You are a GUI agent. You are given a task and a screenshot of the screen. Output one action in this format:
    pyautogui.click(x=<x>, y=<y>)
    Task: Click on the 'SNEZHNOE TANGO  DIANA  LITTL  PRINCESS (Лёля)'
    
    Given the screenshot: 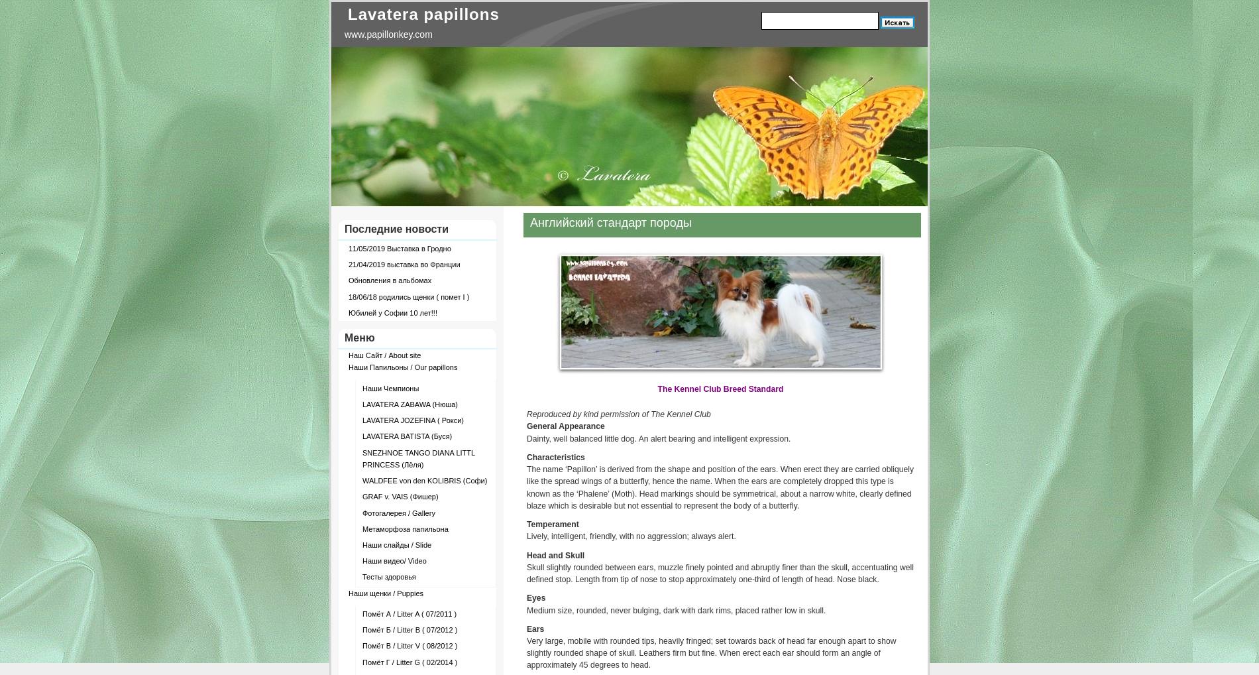 What is the action you would take?
    pyautogui.click(x=418, y=458)
    